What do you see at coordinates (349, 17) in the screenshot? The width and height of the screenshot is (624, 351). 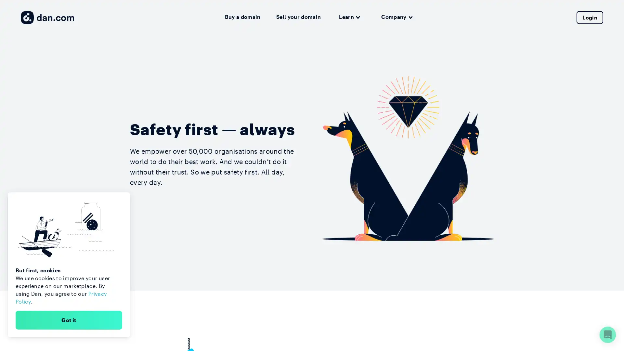 I see `Learn` at bounding box center [349, 17].